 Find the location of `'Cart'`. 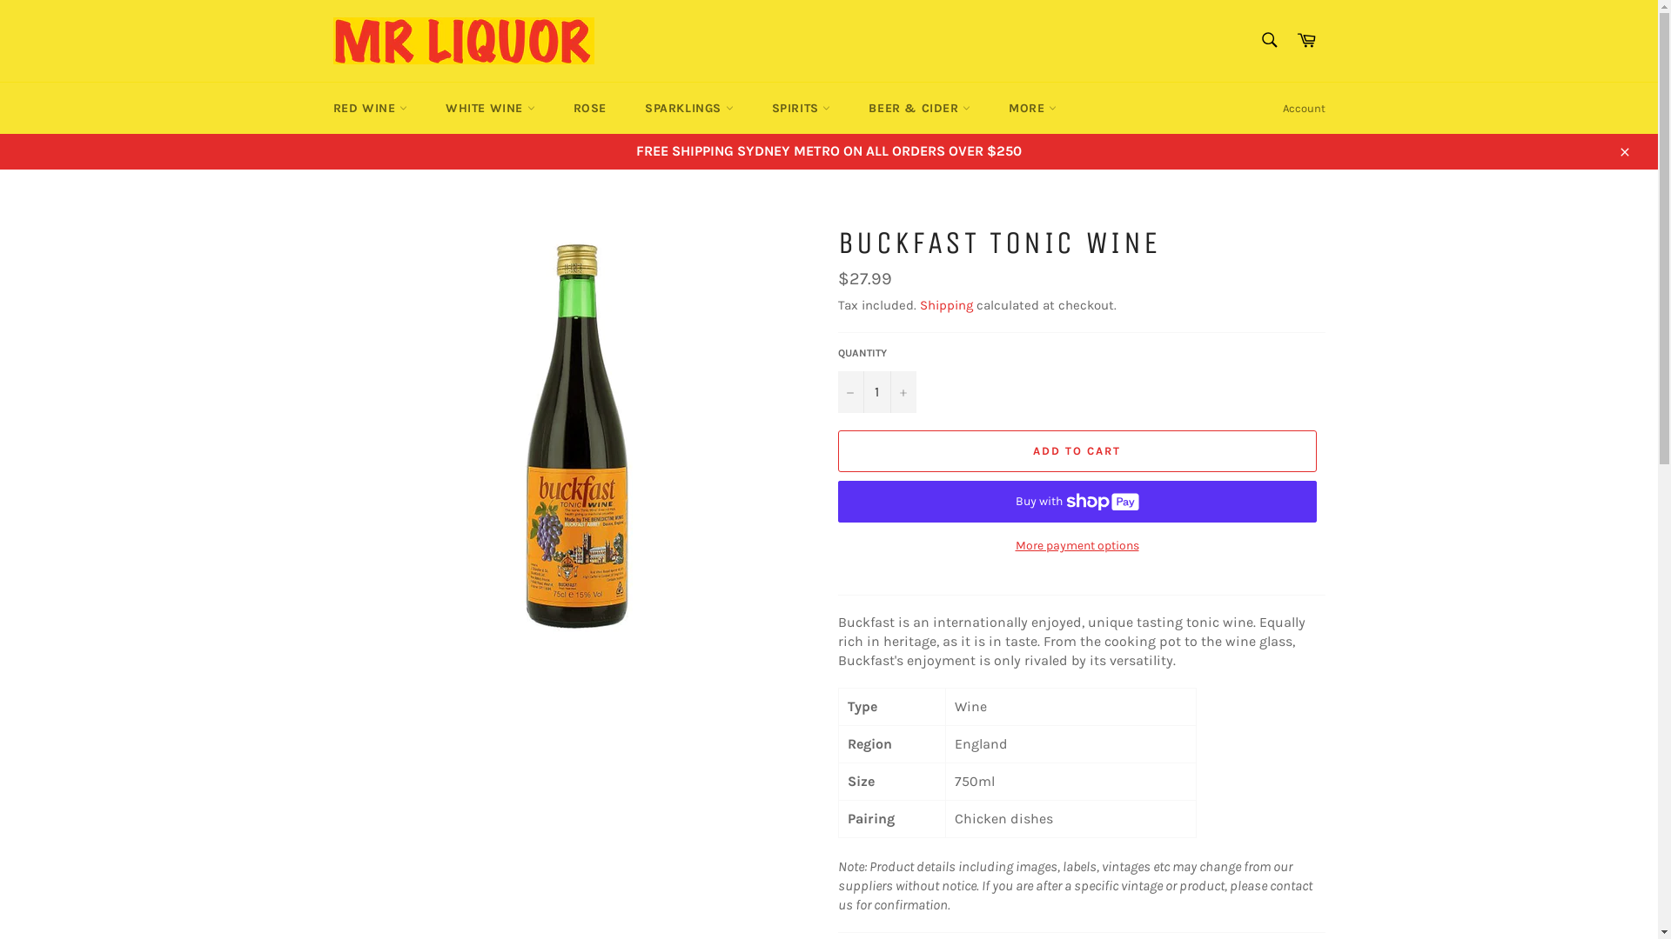

'Cart' is located at coordinates (1306, 39).